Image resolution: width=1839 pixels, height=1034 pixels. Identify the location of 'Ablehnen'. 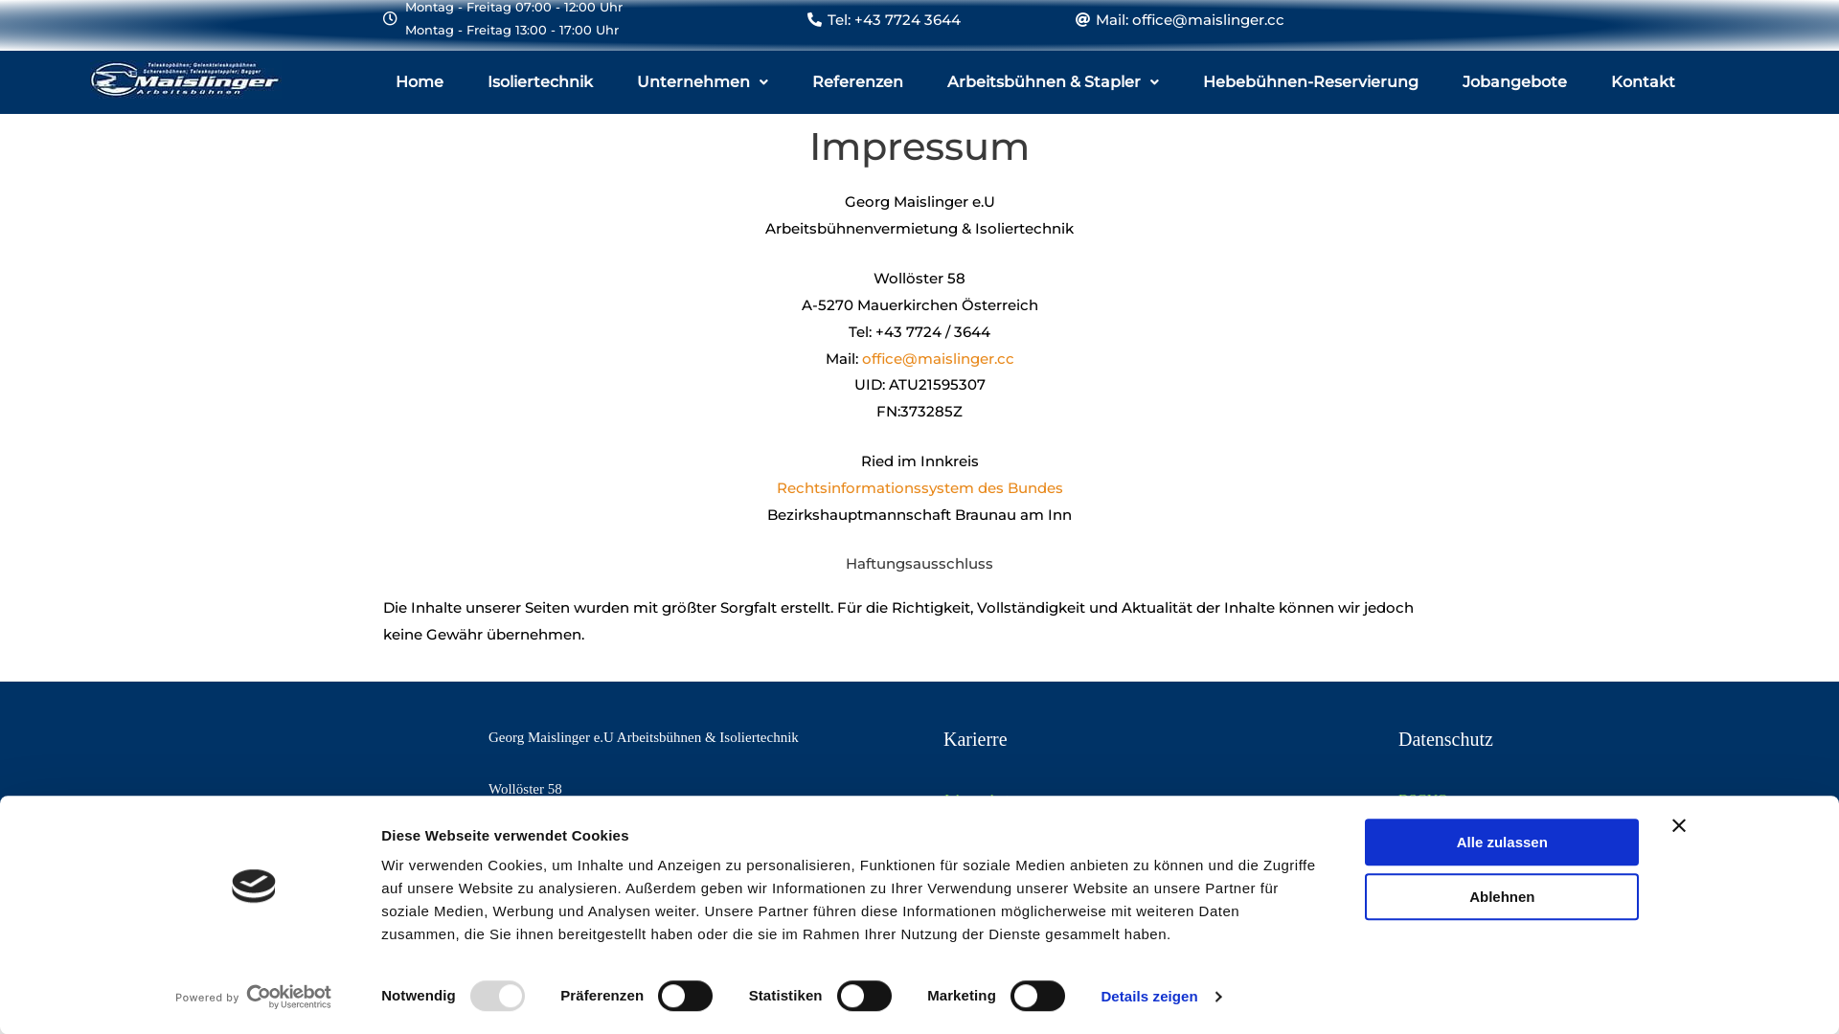
(1501, 896).